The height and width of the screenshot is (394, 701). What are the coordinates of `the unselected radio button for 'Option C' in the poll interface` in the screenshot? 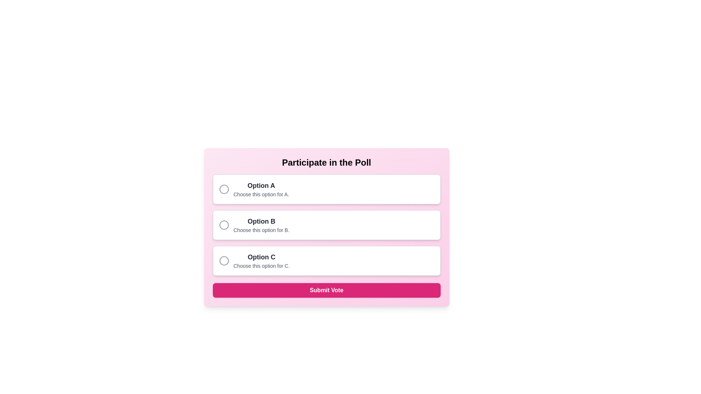 It's located at (223, 260).